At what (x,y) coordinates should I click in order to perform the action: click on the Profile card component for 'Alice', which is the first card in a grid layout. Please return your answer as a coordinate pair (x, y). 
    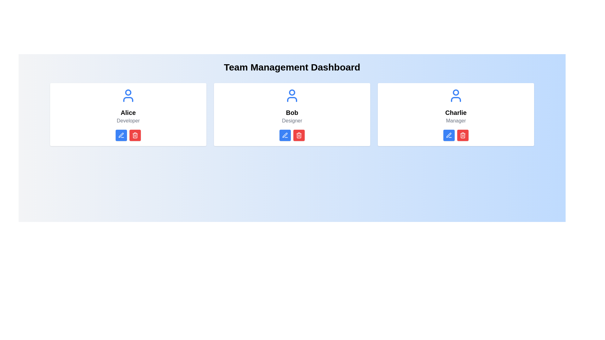
    Looking at the image, I should click on (128, 114).